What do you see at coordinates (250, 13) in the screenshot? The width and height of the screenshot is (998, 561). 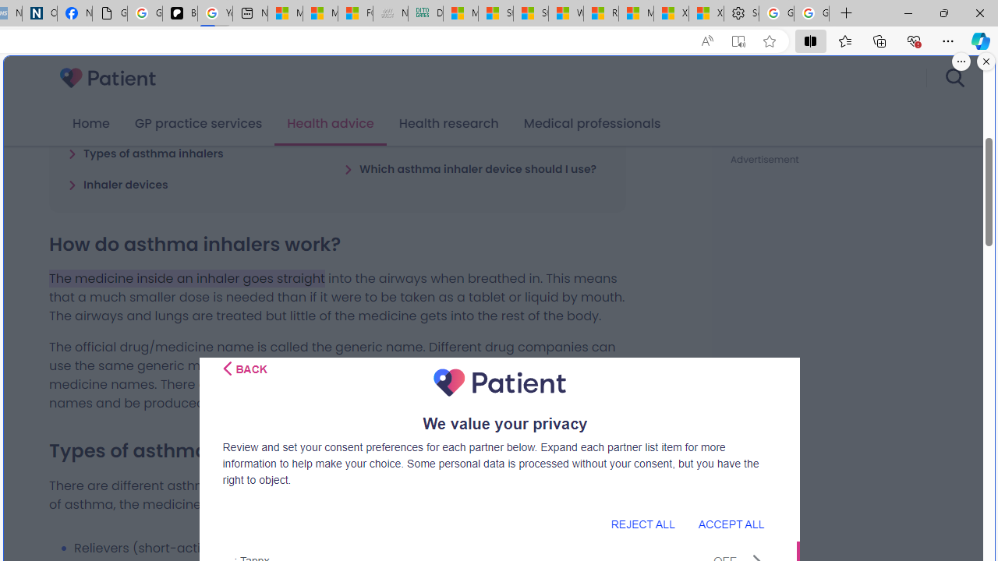 I see `'New tab'` at bounding box center [250, 13].